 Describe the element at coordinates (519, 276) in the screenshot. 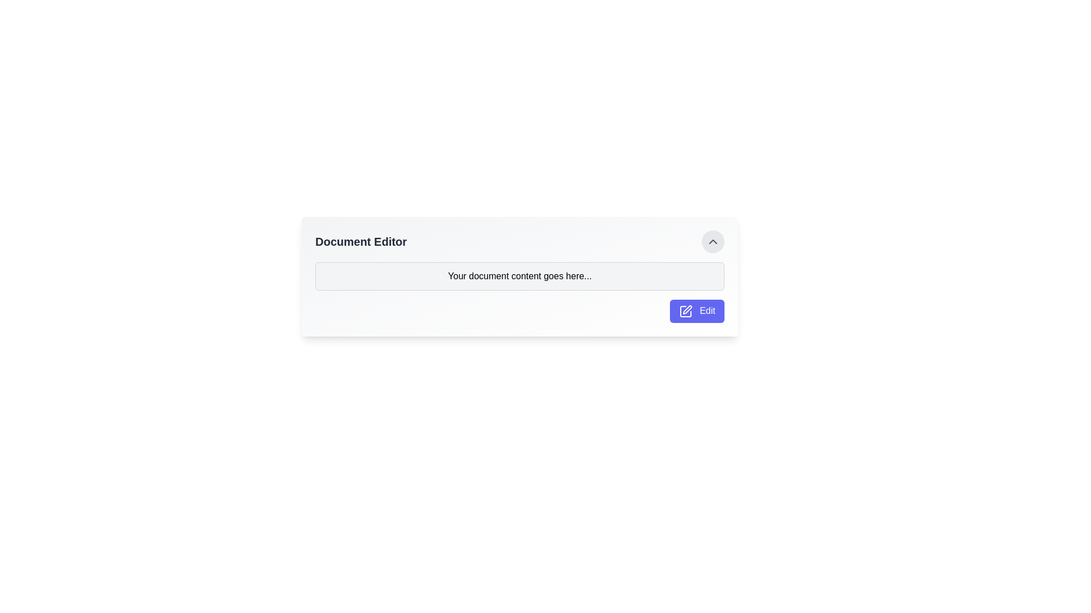

I see `the static text display area containing the placeholder text 'Your document content goes here...'` at that location.